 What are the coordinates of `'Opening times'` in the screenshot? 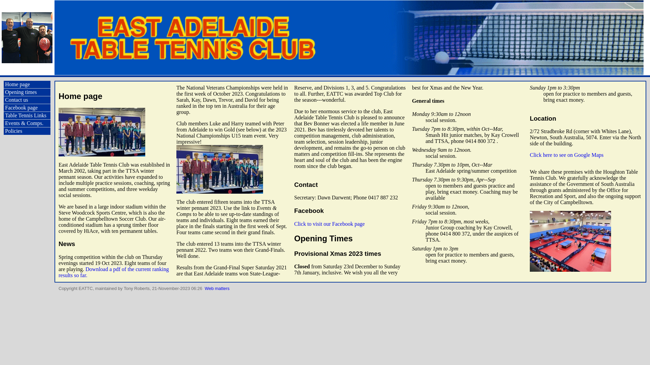 It's located at (27, 92).